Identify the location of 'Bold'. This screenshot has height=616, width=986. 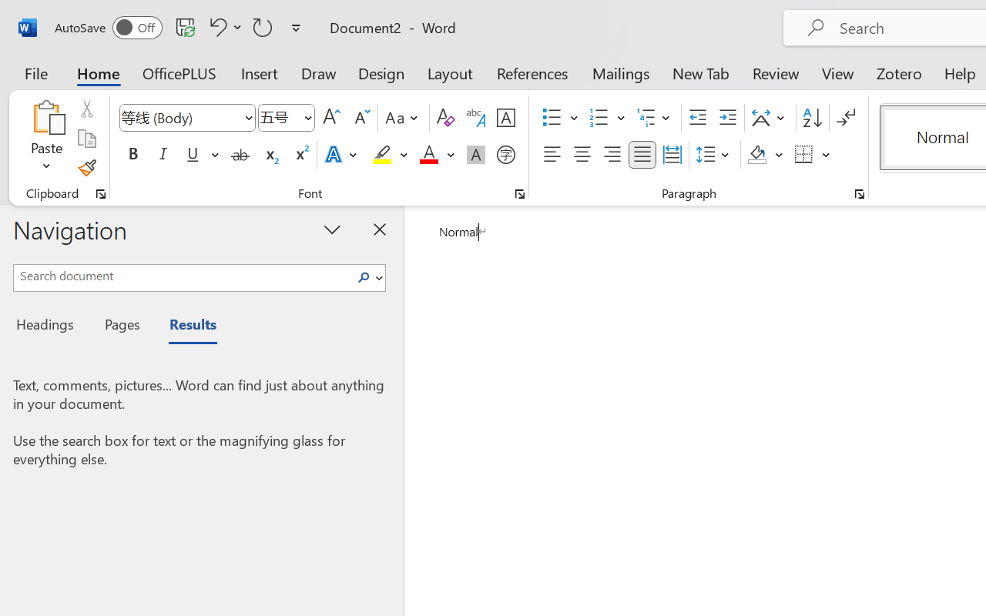
(132, 155).